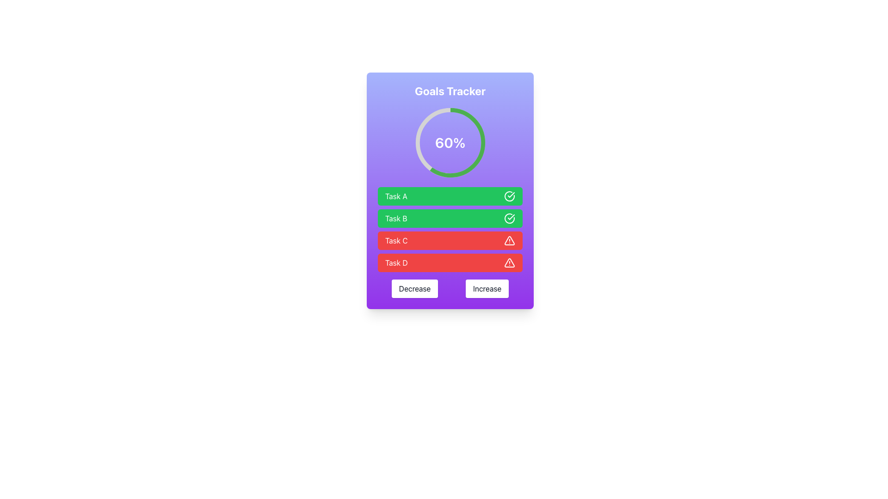  Describe the element at coordinates (450, 142) in the screenshot. I see `the Text Label displaying '60%' within the circular progress indicator, which is centrally aligned and indicates progress in the Goals Tracker panel` at that location.